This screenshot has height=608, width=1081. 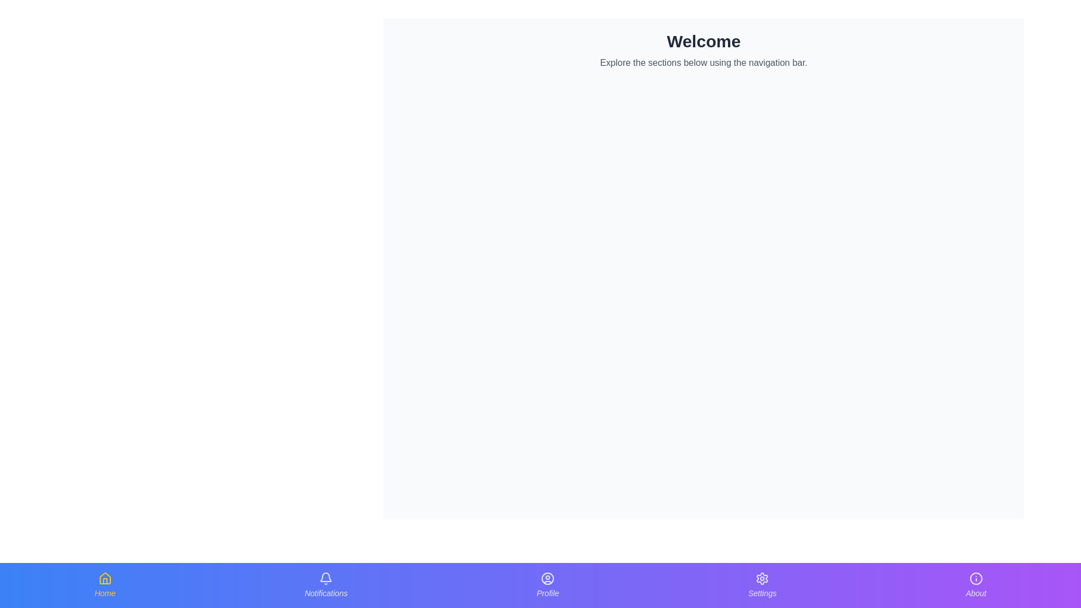 What do you see at coordinates (975, 592) in the screenshot?
I see `'About' label located in the bottom navigation bar, which is the fifth option from the left and is centered beneath an information icon` at bounding box center [975, 592].